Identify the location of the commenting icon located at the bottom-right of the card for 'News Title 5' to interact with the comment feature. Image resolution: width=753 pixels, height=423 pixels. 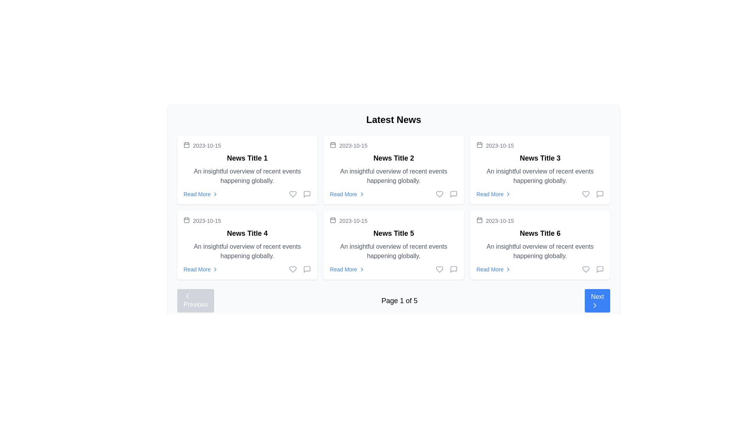
(453, 269).